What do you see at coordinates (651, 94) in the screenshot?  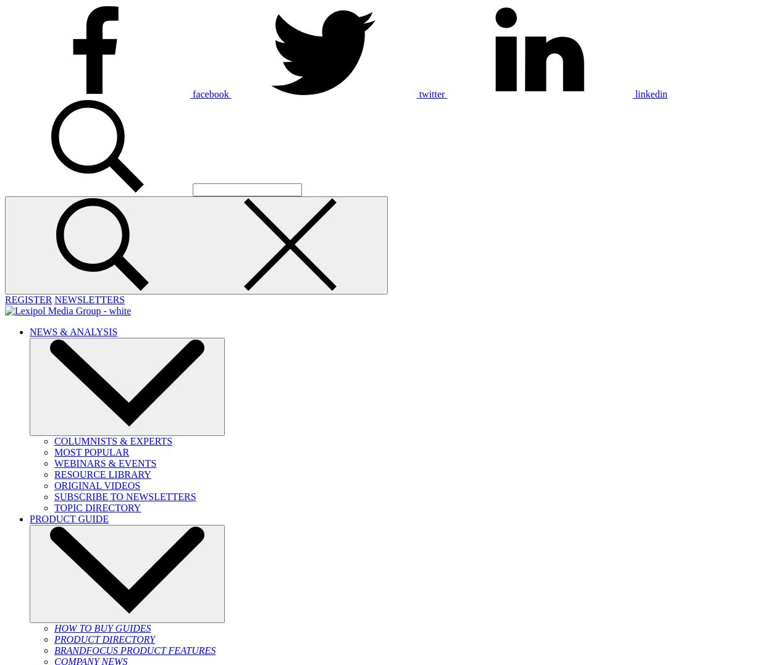 I see `'linkedin'` at bounding box center [651, 94].